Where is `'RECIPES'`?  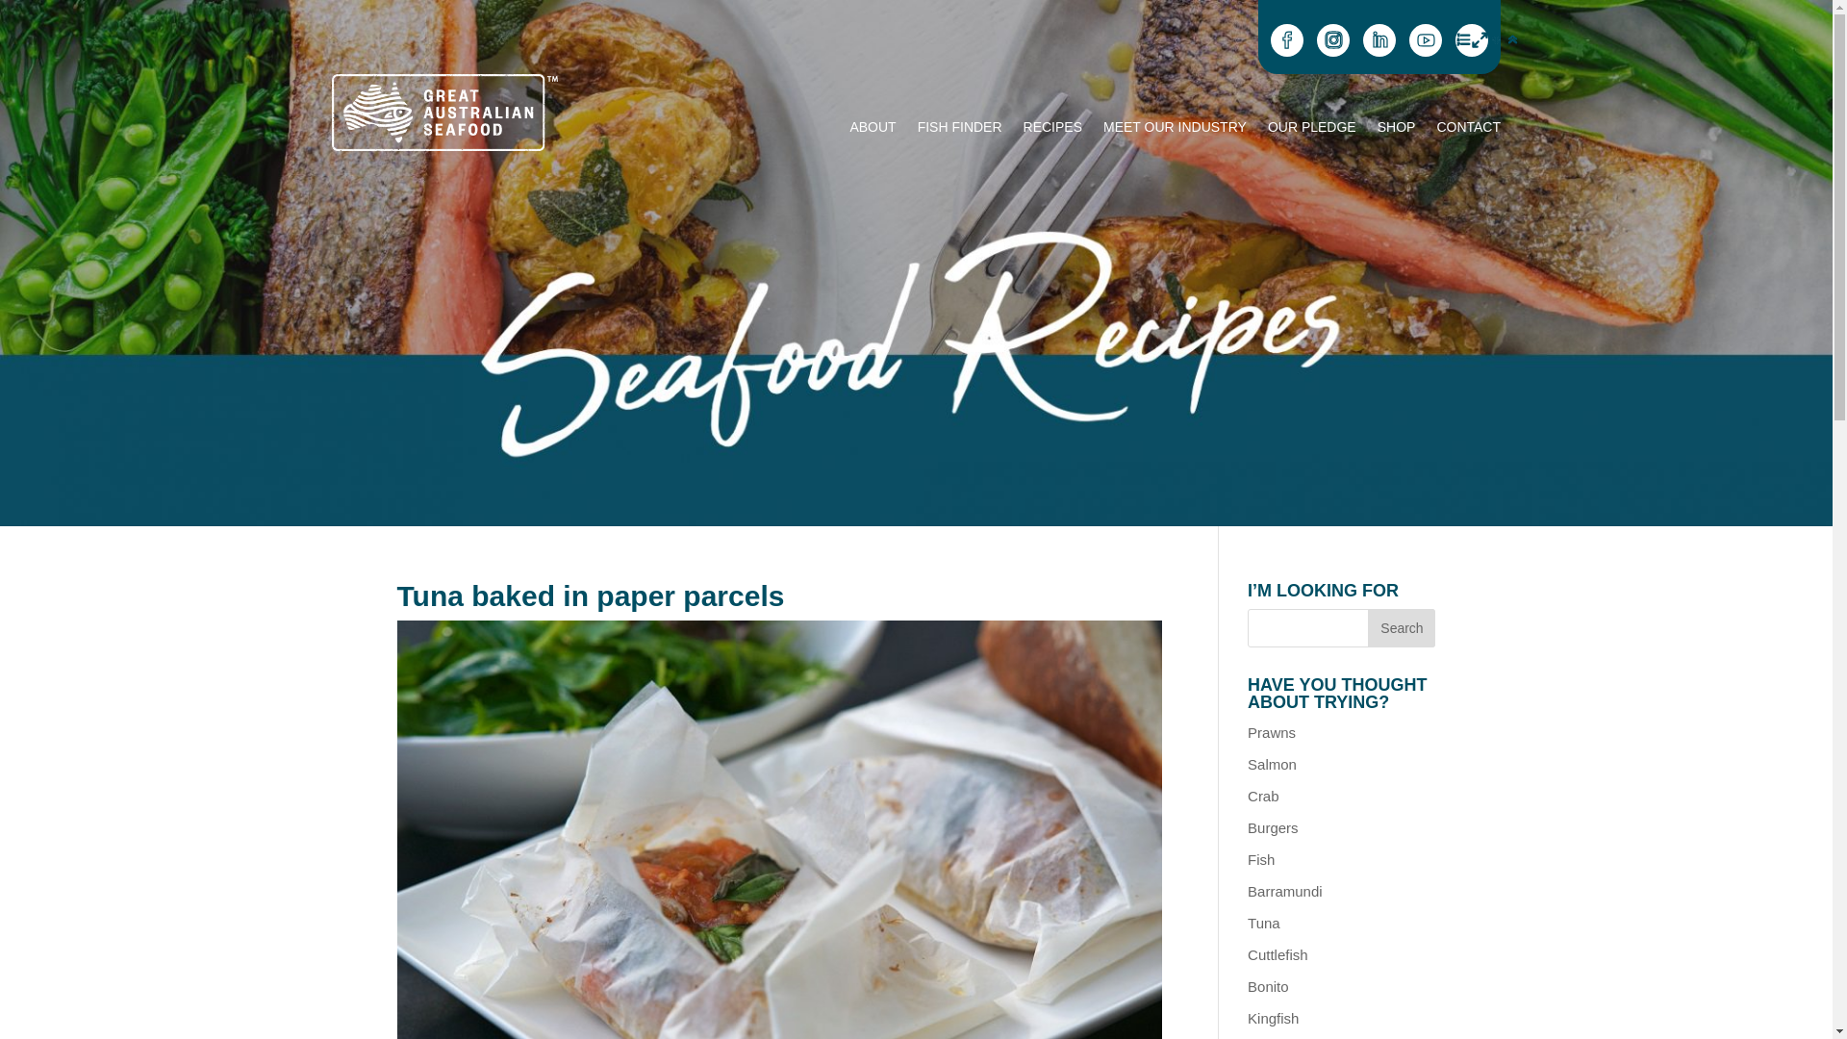
'RECIPES' is located at coordinates (1051, 130).